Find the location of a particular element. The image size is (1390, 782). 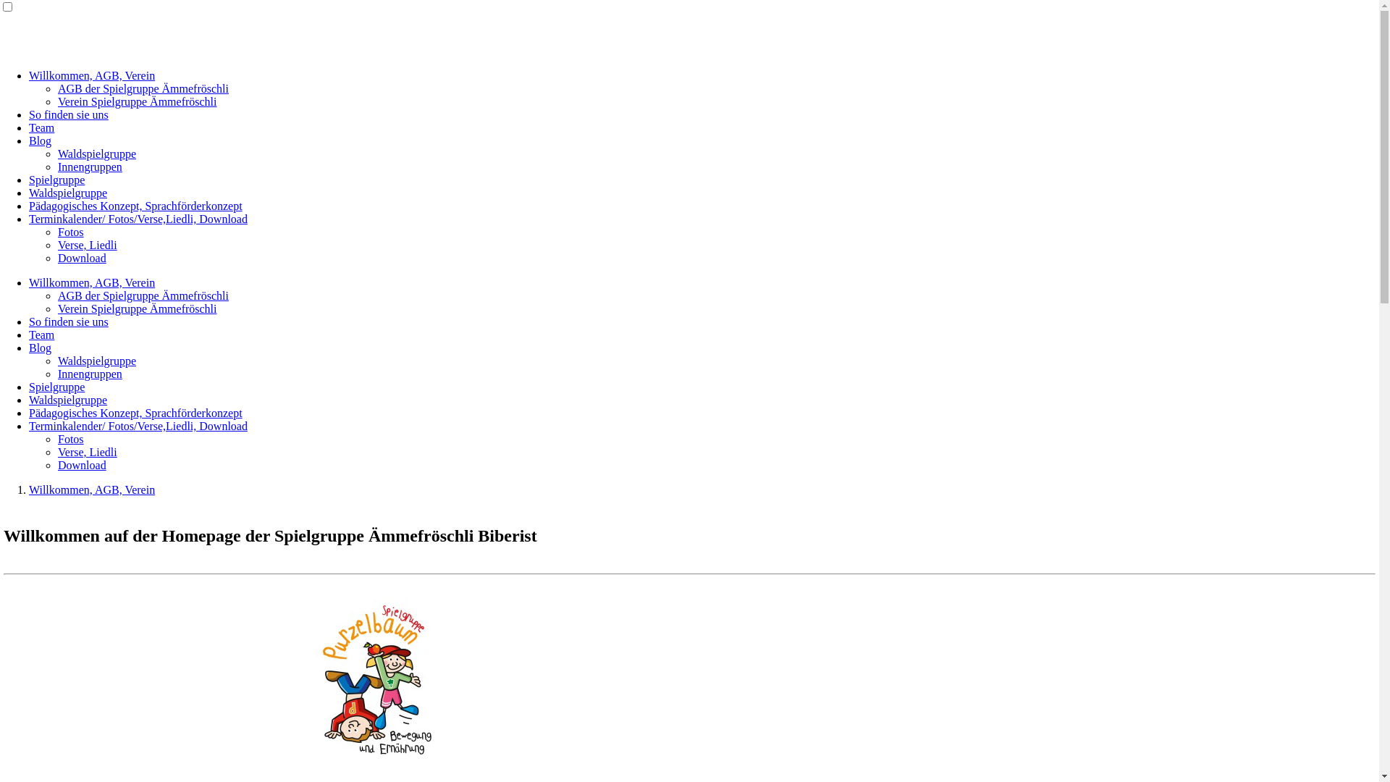

'Willkommen, AGB, Verein' is located at coordinates (90, 75).